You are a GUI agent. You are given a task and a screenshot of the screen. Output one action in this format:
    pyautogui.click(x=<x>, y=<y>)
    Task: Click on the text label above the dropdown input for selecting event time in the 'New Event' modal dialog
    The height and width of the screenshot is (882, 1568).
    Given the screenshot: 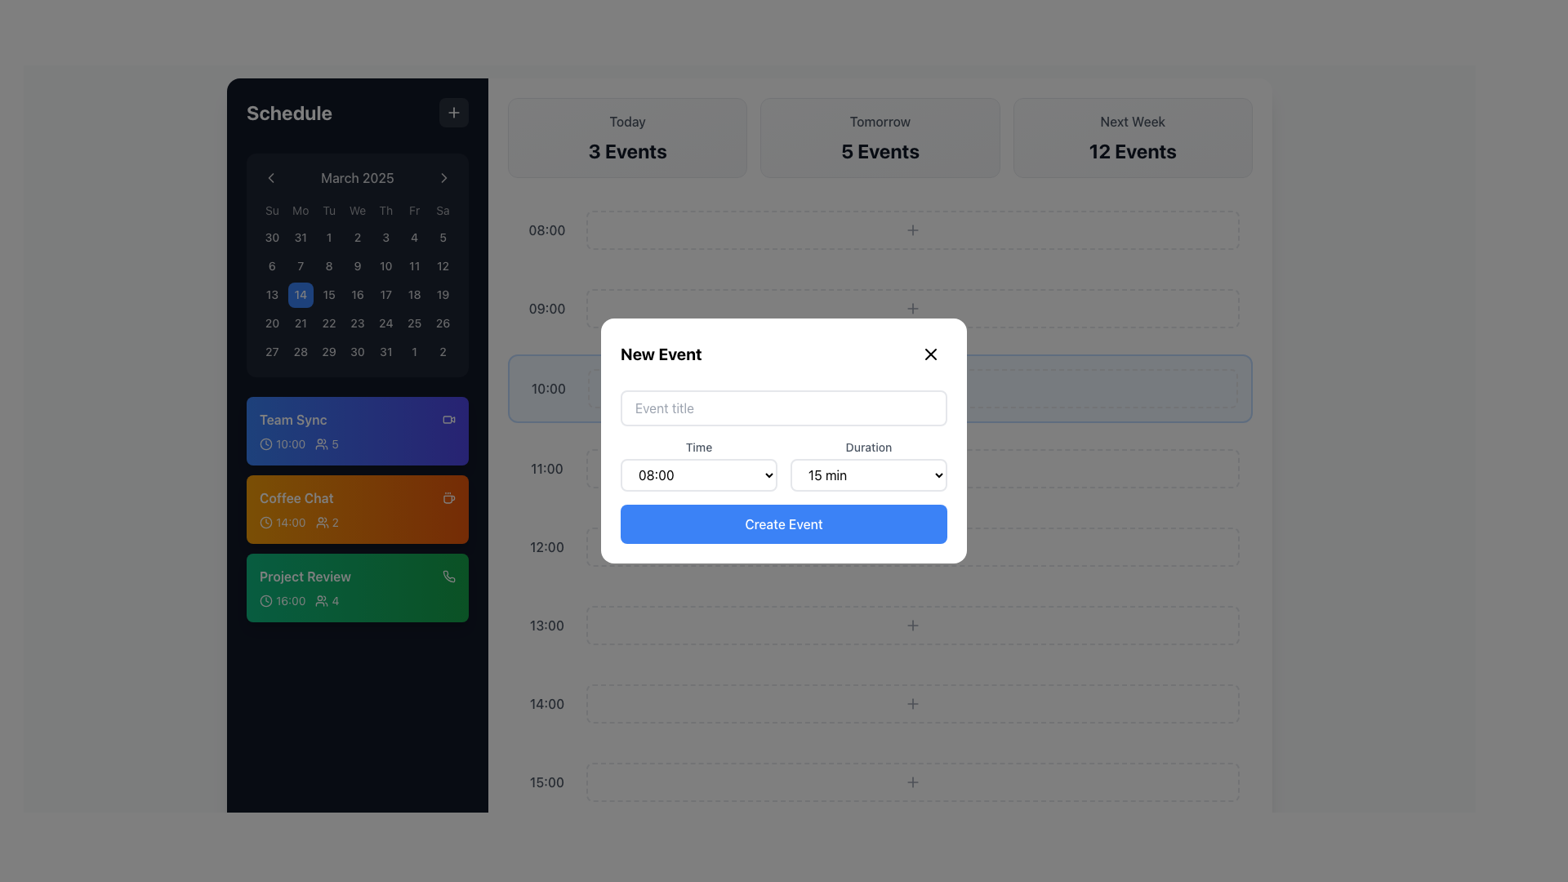 What is the action you would take?
    pyautogui.click(x=698, y=447)
    